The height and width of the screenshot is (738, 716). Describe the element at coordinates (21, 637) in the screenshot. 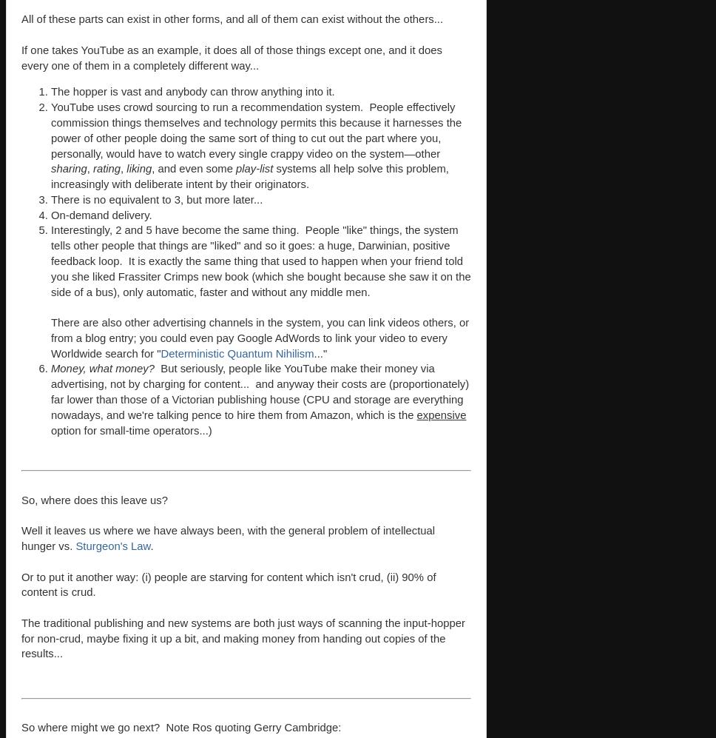

I see `'The traditional publishing and new systems are both just ways of scanning the input-hopper for non-crud, maybe fixing it up a bit, and making money from handing out copies of the results...'` at that location.